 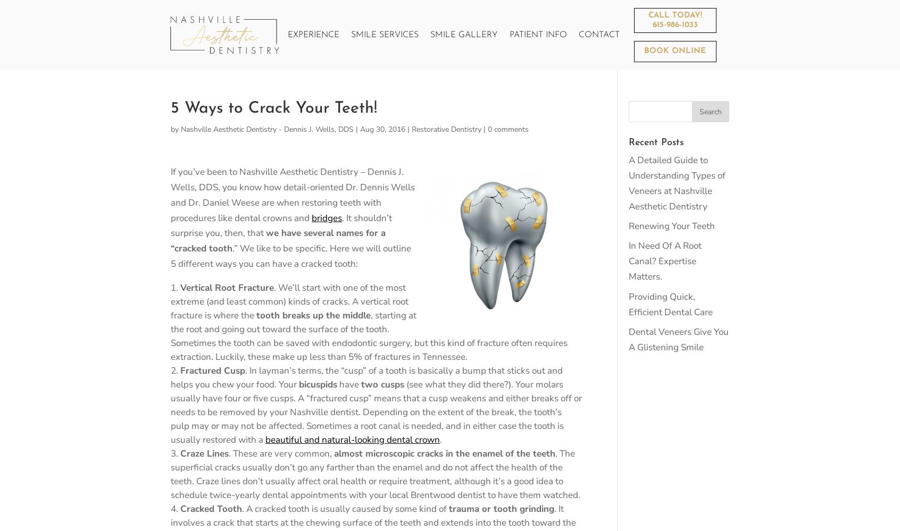 I want to click on 'have', so click(x=349, y=384).